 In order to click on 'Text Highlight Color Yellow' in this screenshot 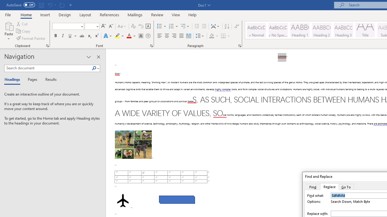, I will do `click(117, 36)`.